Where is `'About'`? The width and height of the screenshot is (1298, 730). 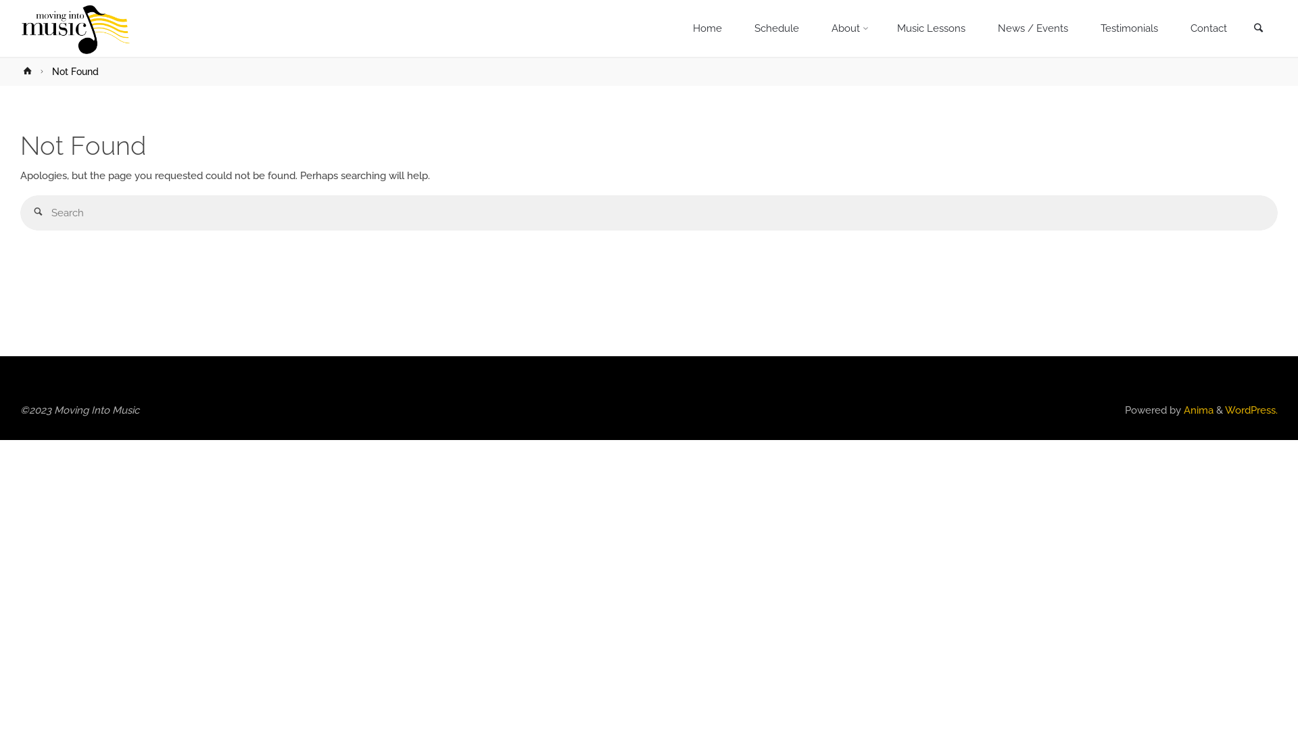 'About' is located at coordinates (847, 28).